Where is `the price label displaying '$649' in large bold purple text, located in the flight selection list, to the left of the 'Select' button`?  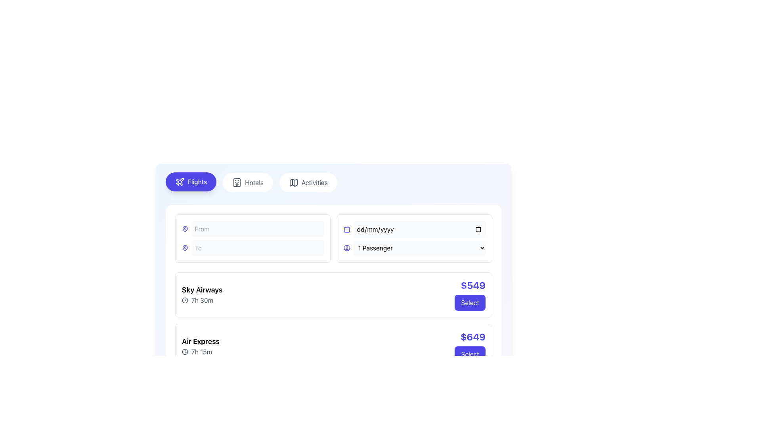
the price label displaying '$649' in large bold purple text, located in the flight selection list, to the left of the 'Select' button is located at coordinates (470, 336).